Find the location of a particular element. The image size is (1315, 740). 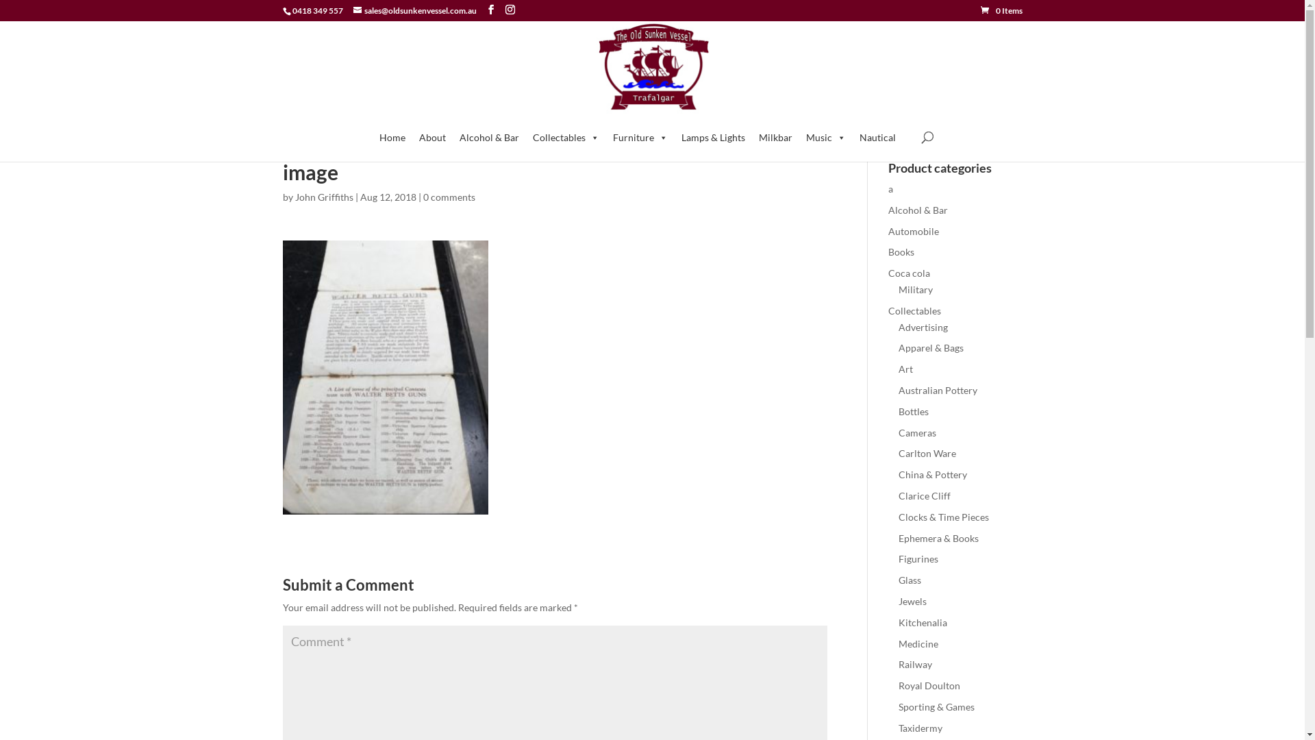

'Home' is located at coordinates (391, 137).